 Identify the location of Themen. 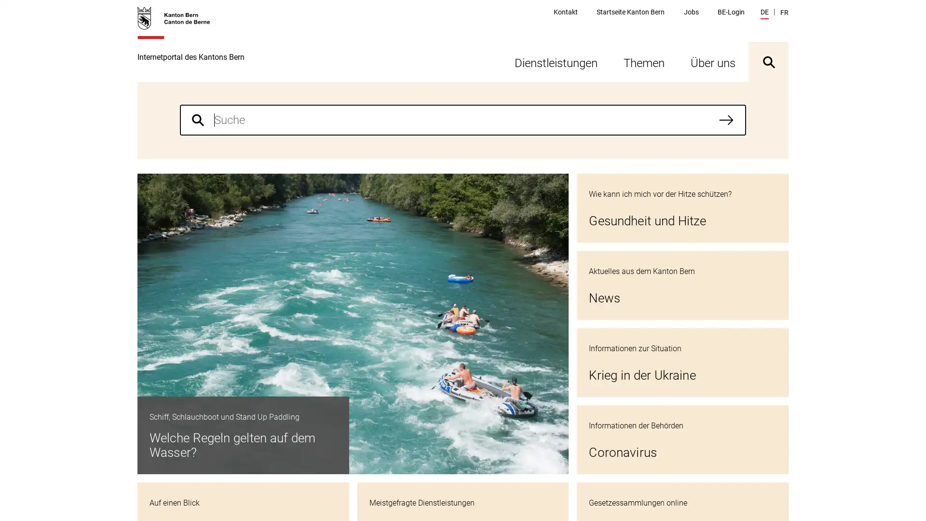
(644, 62).